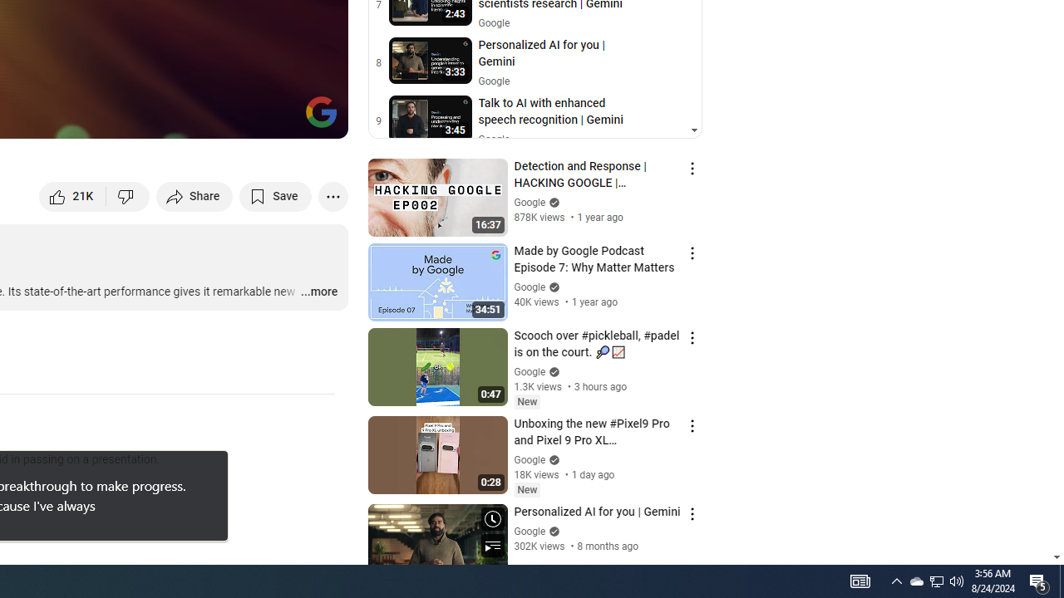 This screenshot has width=1064, height=598. I want to click on 'More actions', so click(332, 195).